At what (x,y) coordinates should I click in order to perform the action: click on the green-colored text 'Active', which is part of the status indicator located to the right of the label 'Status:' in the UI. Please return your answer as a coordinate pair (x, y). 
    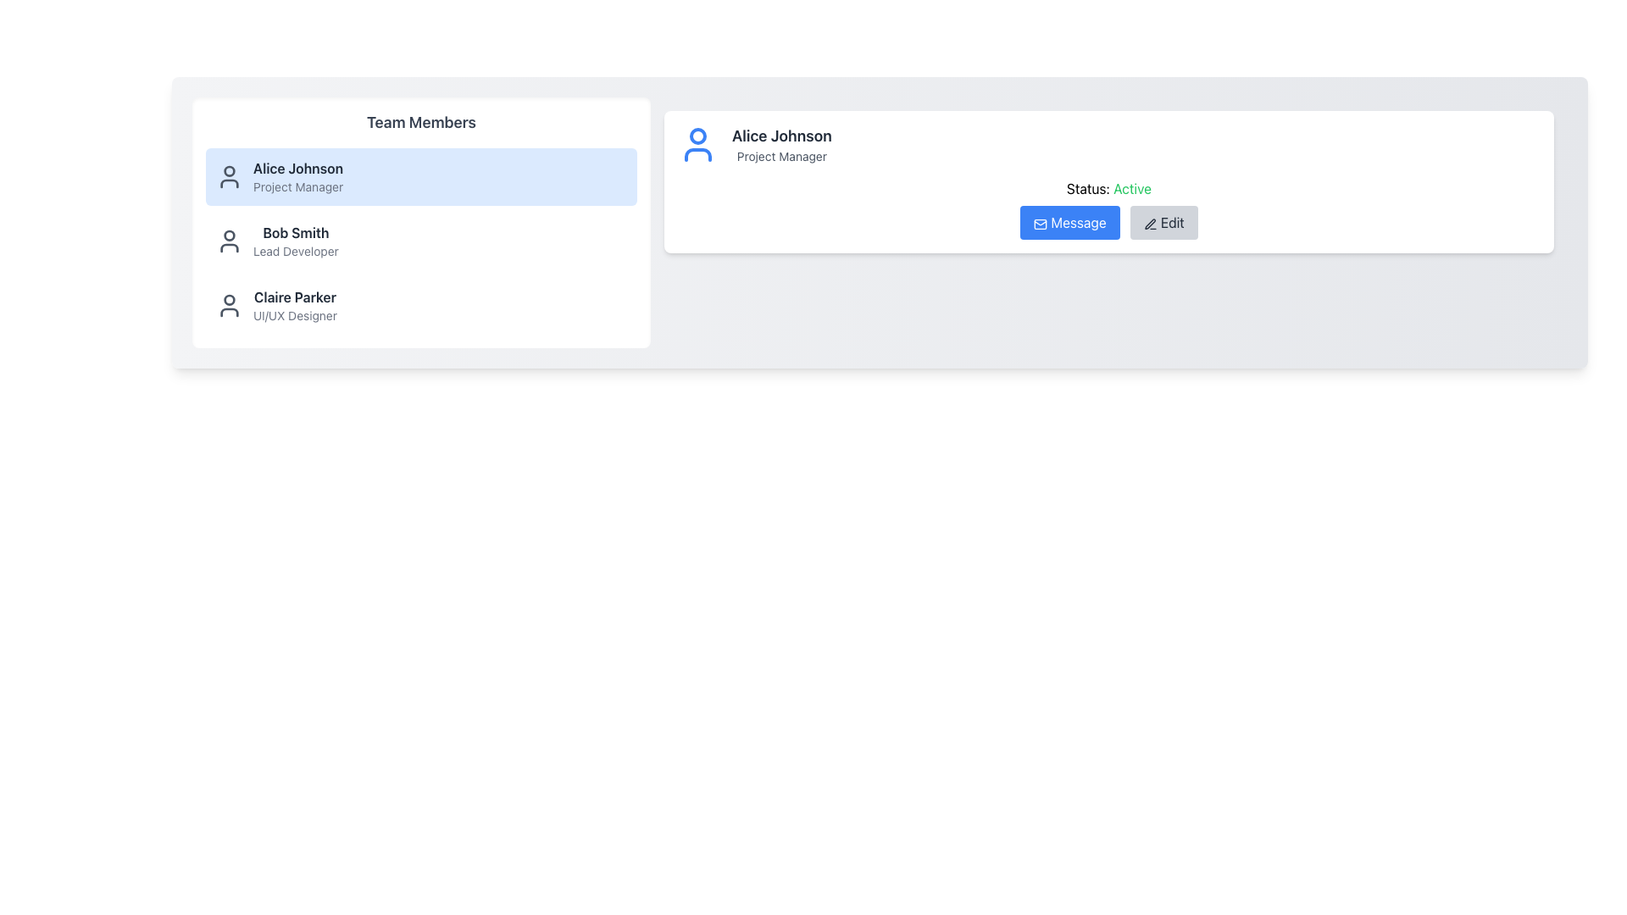
    Looking at the image, I should click on (1132, 189).